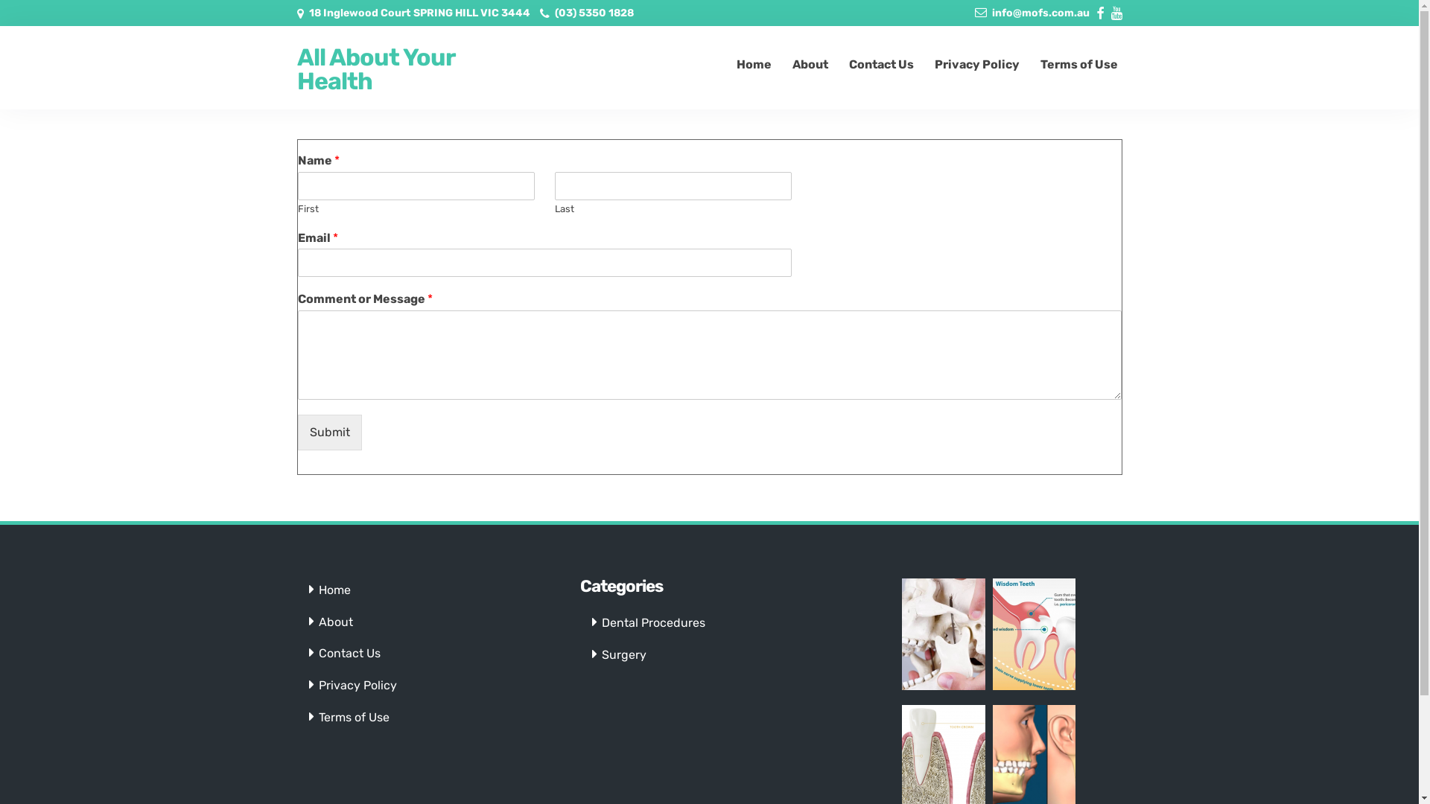 This screenshot has height=804, width=1430. What do you see at coordinates (881, 64) in the screenshot?
I see `'Contact Us'` at bounding box center [881, 64].